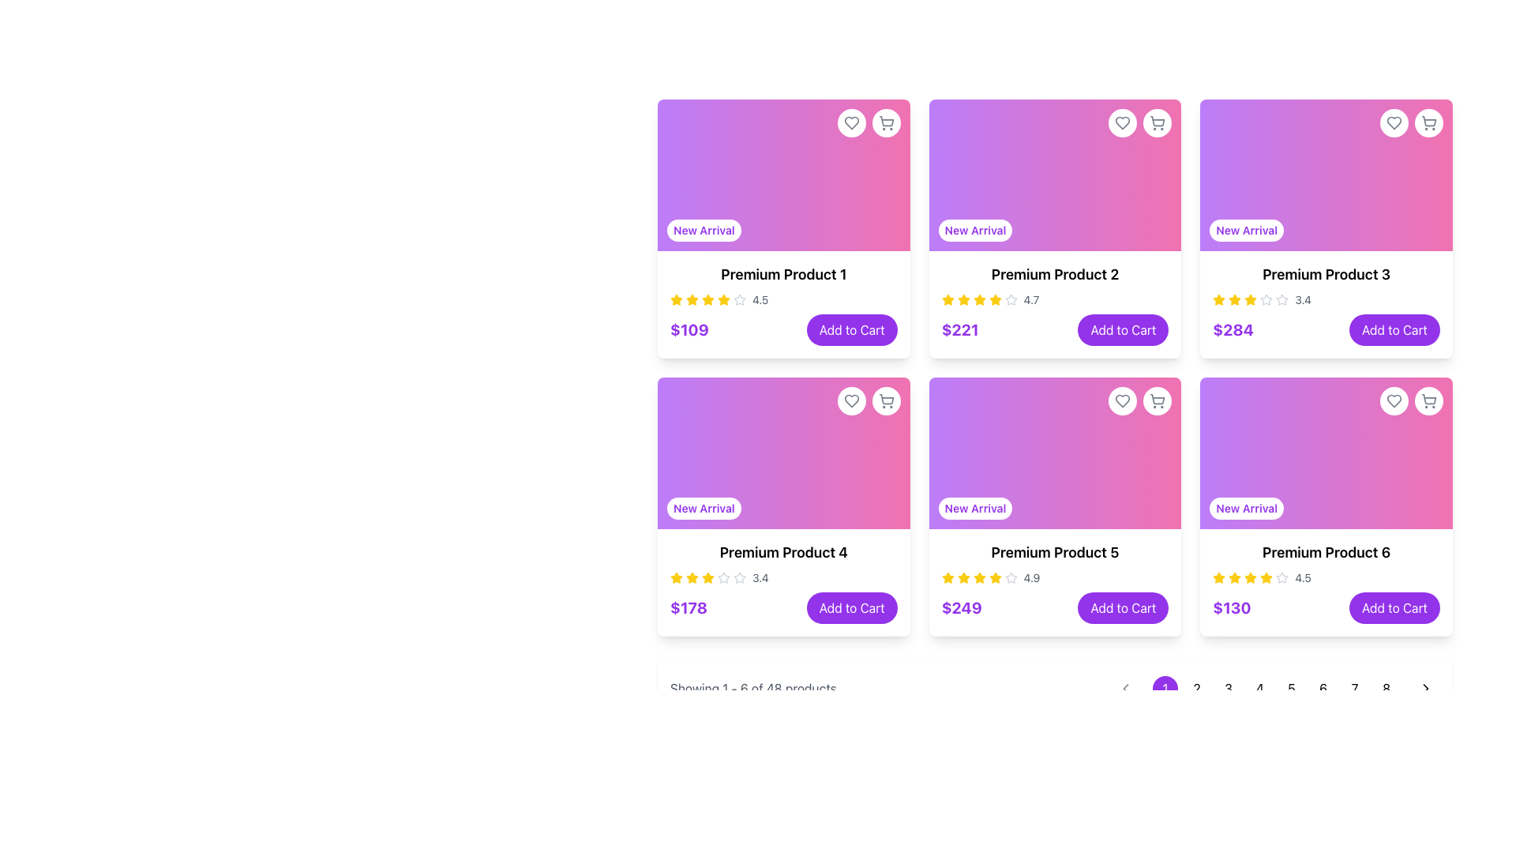 The height and width of the screenshot is (853, 1516). Describe the element at coordinates (703, 509) in the screenshot. I see `the small rounded rectangular label that displays 'New Arrival' in purple color on a white background, located at the bottom-left of the fourth card component` at that location.